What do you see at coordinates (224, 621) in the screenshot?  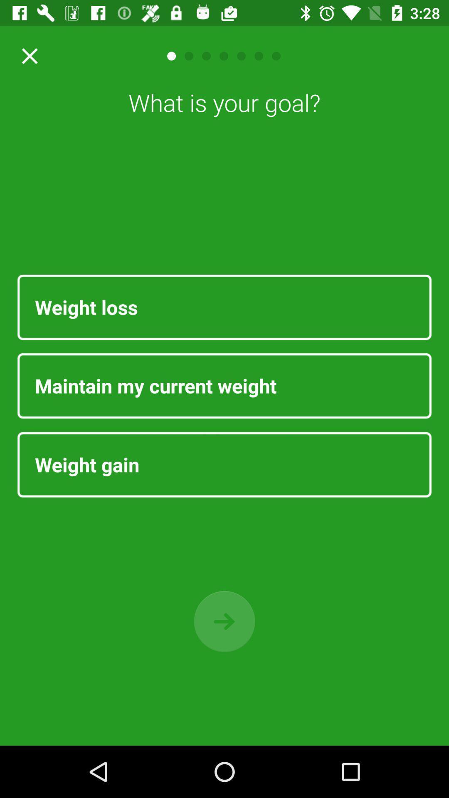 I see `next page` at bounding box center [224, 621].